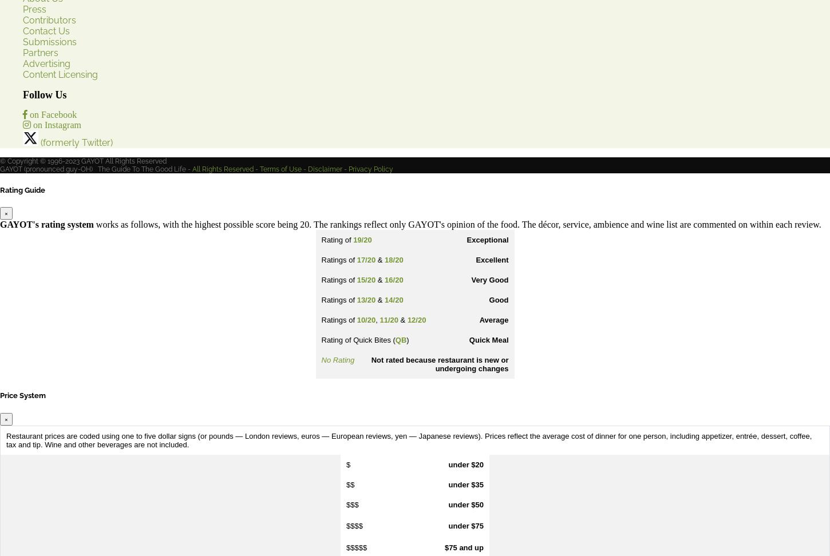 This screenshot has width=830, height=556. What do you see at coordinates (37, 282) in the screenshot?
I see `'Events'` at bounding box center [37, 282].